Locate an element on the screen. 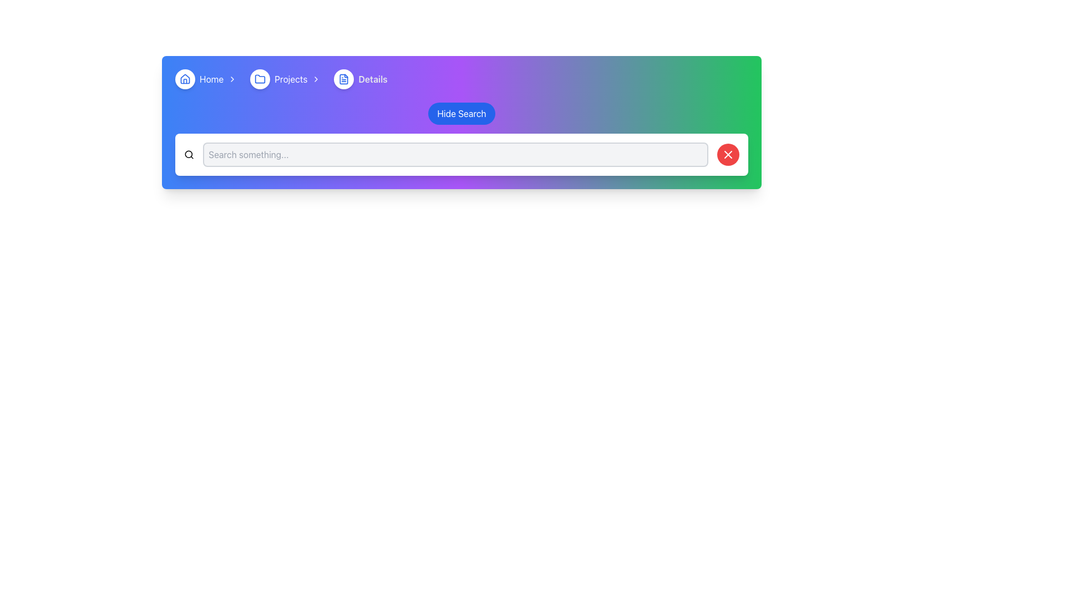  the 'Projects' navigation icon located to the left of the text 'Projects' is located at coordinates (260, 78).